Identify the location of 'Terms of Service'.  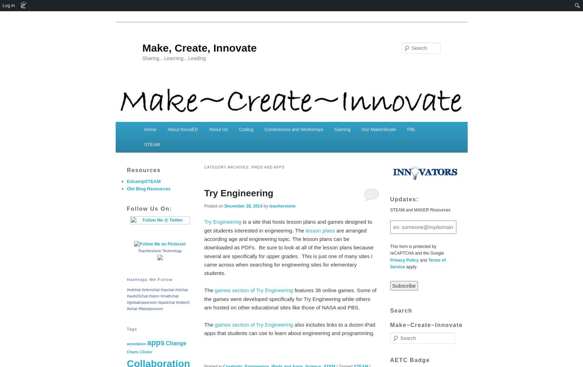
(418, 263).